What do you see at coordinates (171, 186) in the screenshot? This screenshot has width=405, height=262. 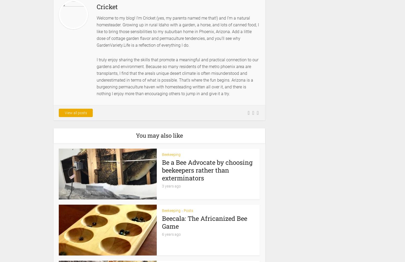 I see `'3 years ago'` at bounding box center [171, 186].